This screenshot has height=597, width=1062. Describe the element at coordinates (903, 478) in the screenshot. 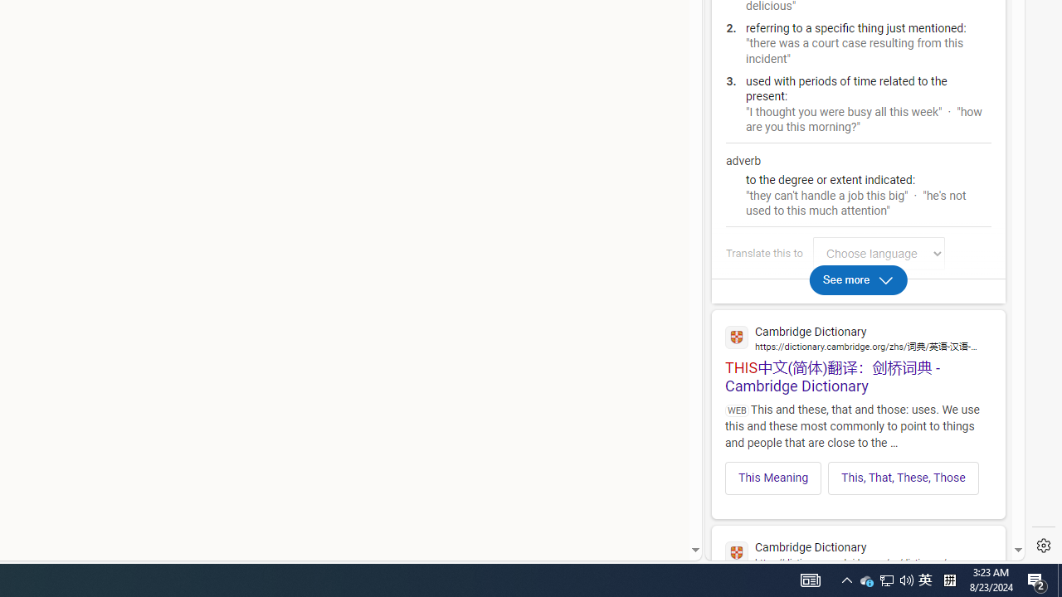

I see `'This, That, These, Those'` at that location.